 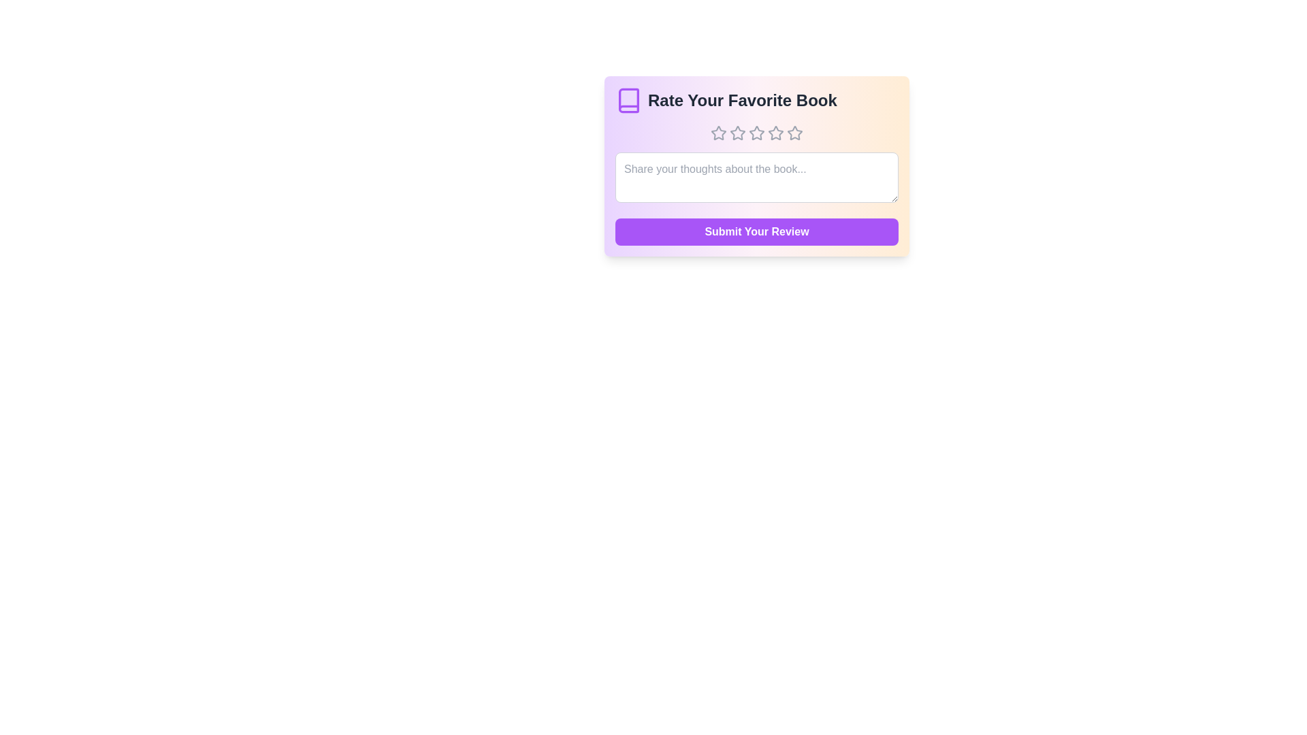 What do you see at coordinates (756, 99) in the screenshot?
I see `the title text element and read its content` at bounding box center [756, 99].